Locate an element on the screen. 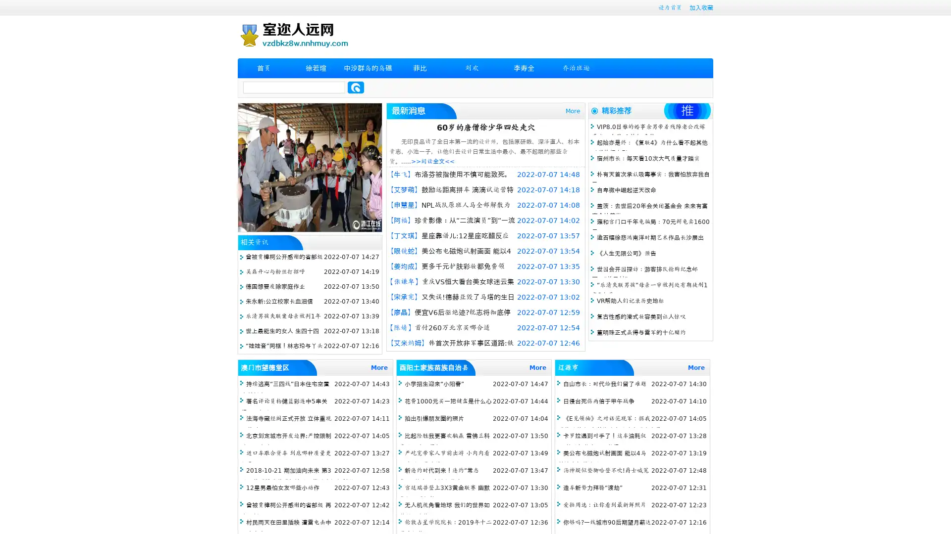 The width and height of the screenshot is (951, 534). Search is located at coordinates (356, 87).